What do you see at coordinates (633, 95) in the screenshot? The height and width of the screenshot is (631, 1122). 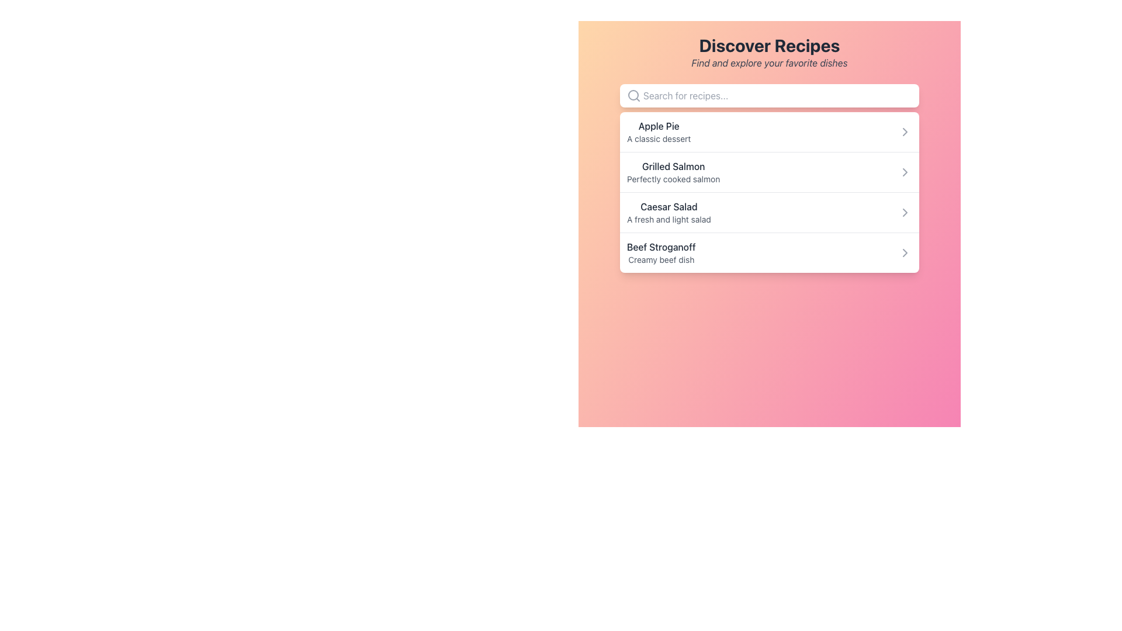 I see `the search bar icon located to the left of the placeholder text 'Search for recipes...' in the search bar component` at bounding box center [633, 95].